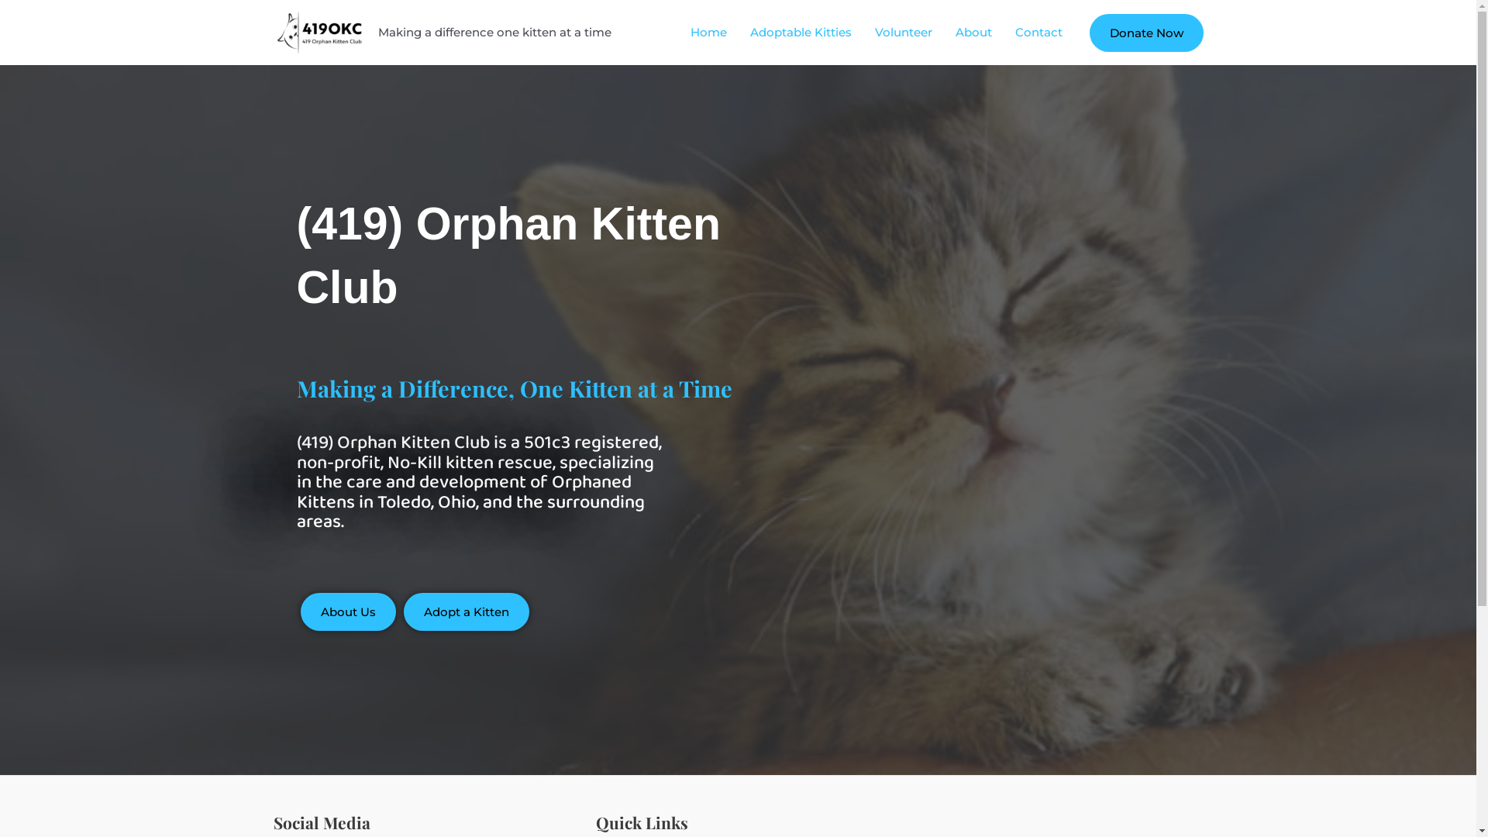  Describe the element at coordinates (347, 611) in the screenshot. I see `'About Us'` at that location.